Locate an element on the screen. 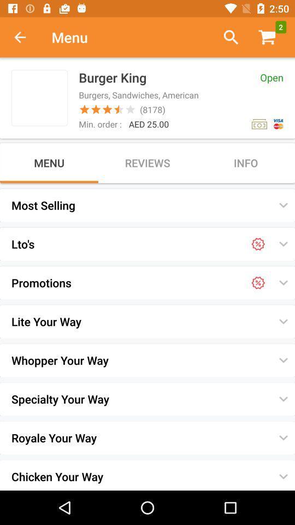 The image size is (295, 525). item next to menu icon is located at coordinates (26, 37).